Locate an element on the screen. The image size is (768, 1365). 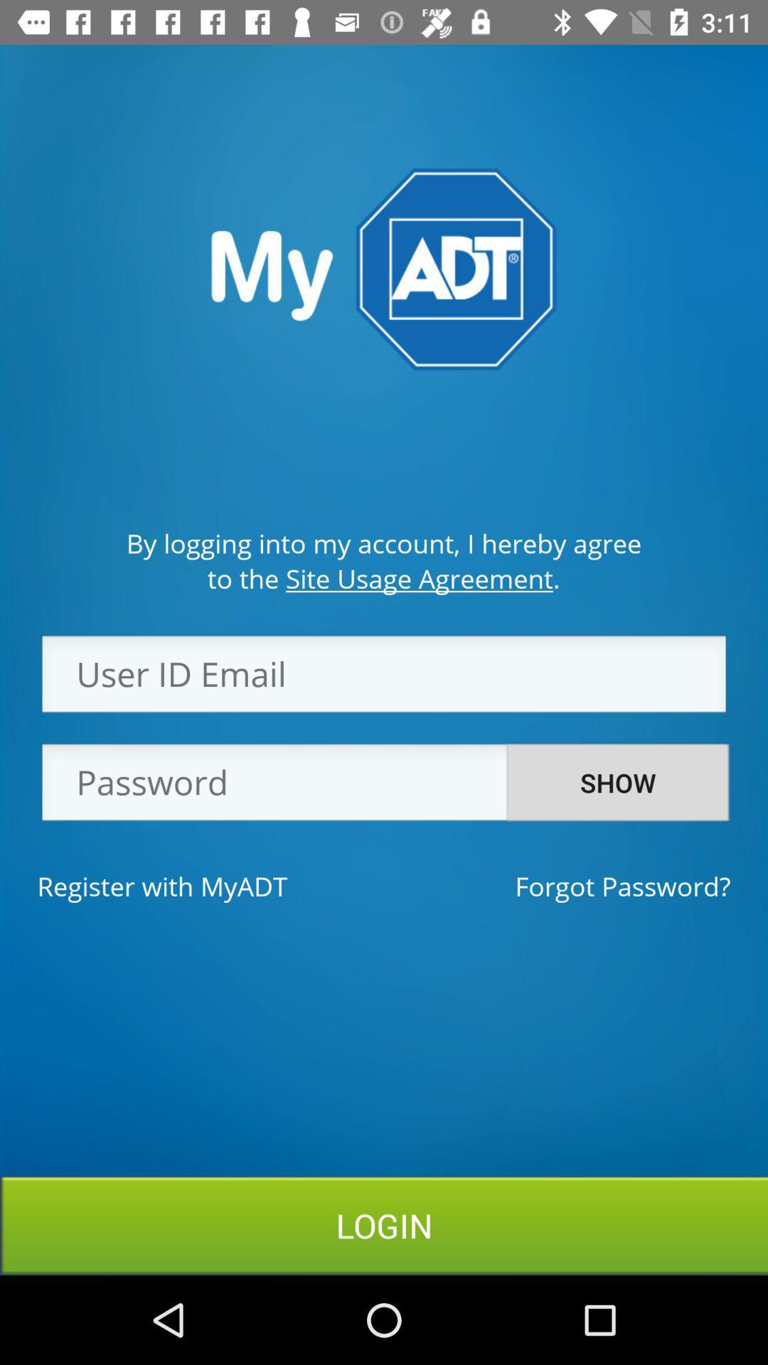
the by logging into item is located at coordinates (384, 542).